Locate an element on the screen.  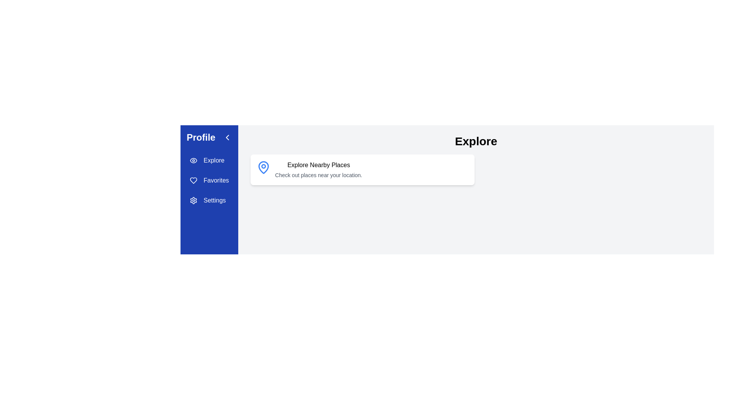
the gear-shaped icon representing 'Settings' located in the vertical navigation bar on the left side of the interface is located at coordinates (194, 200).